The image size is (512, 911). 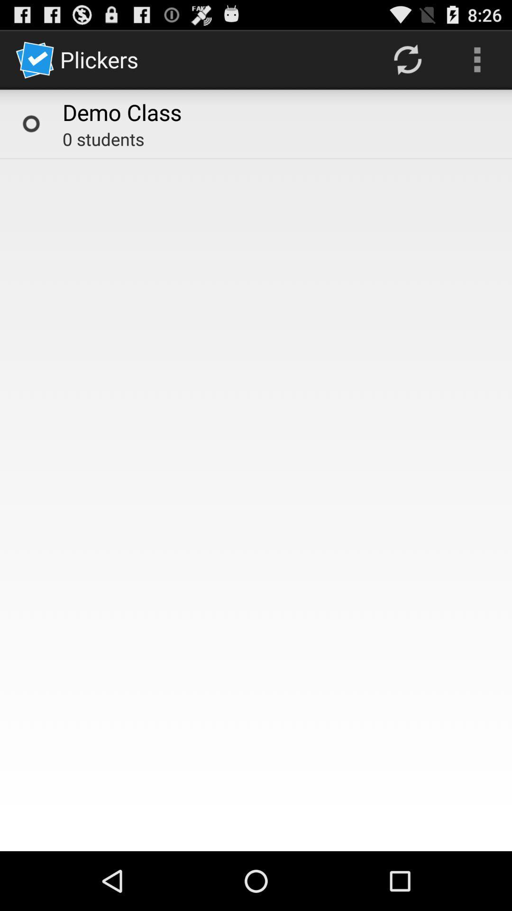 I want to click on item below the plickers icon, so click(x=121, y=112).